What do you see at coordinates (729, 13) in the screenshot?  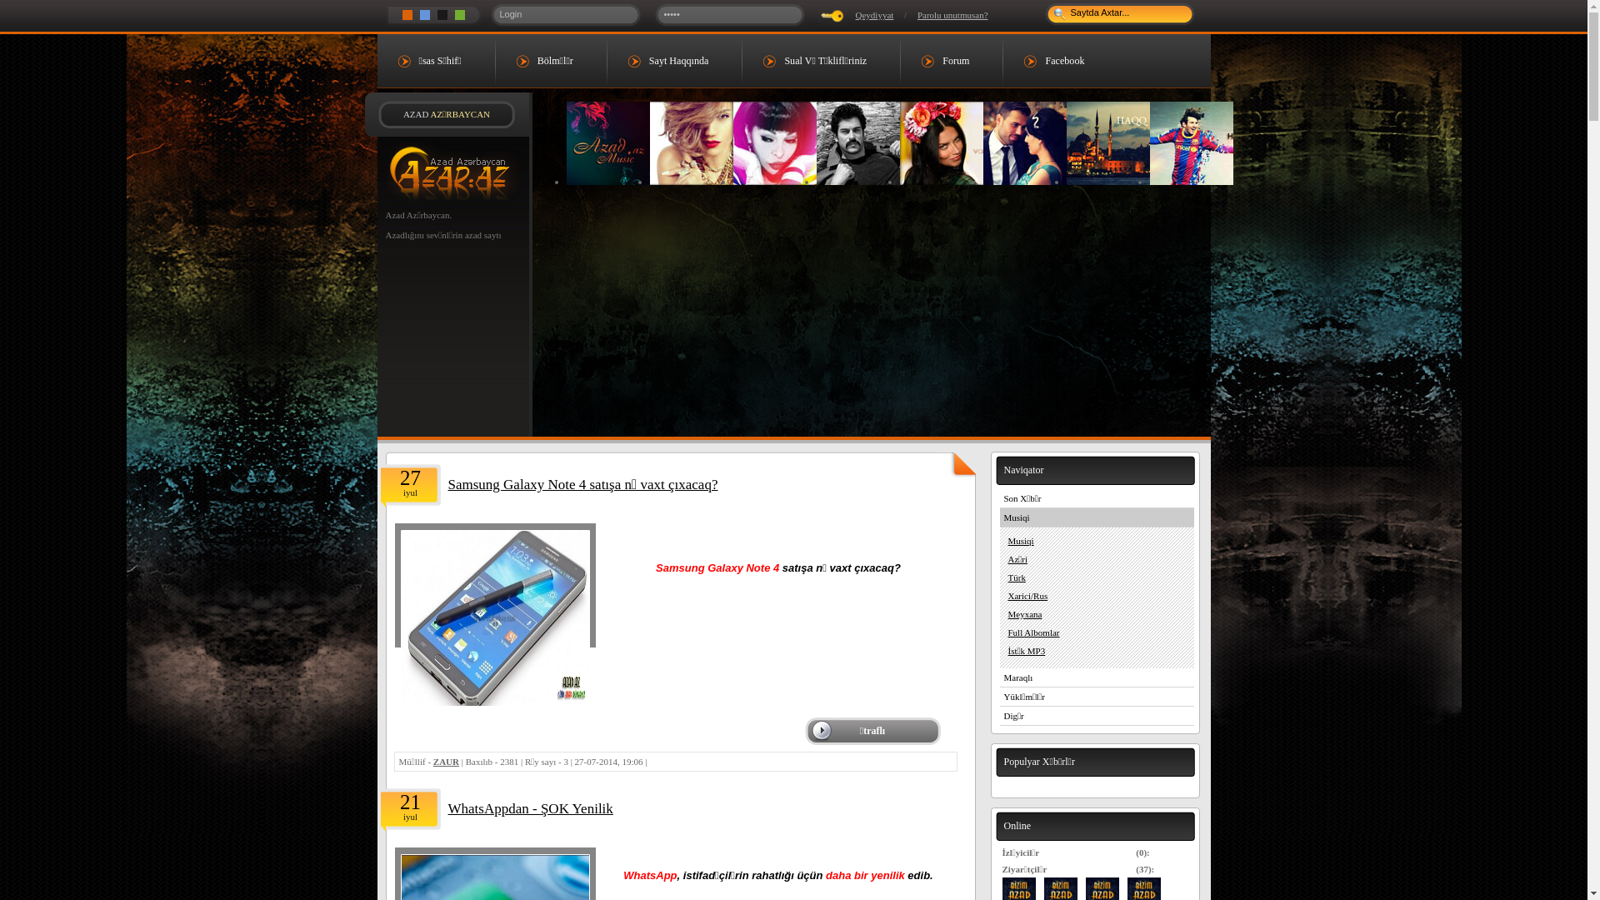 I see `'Parolunuz'` at bounding box center [729, 13].